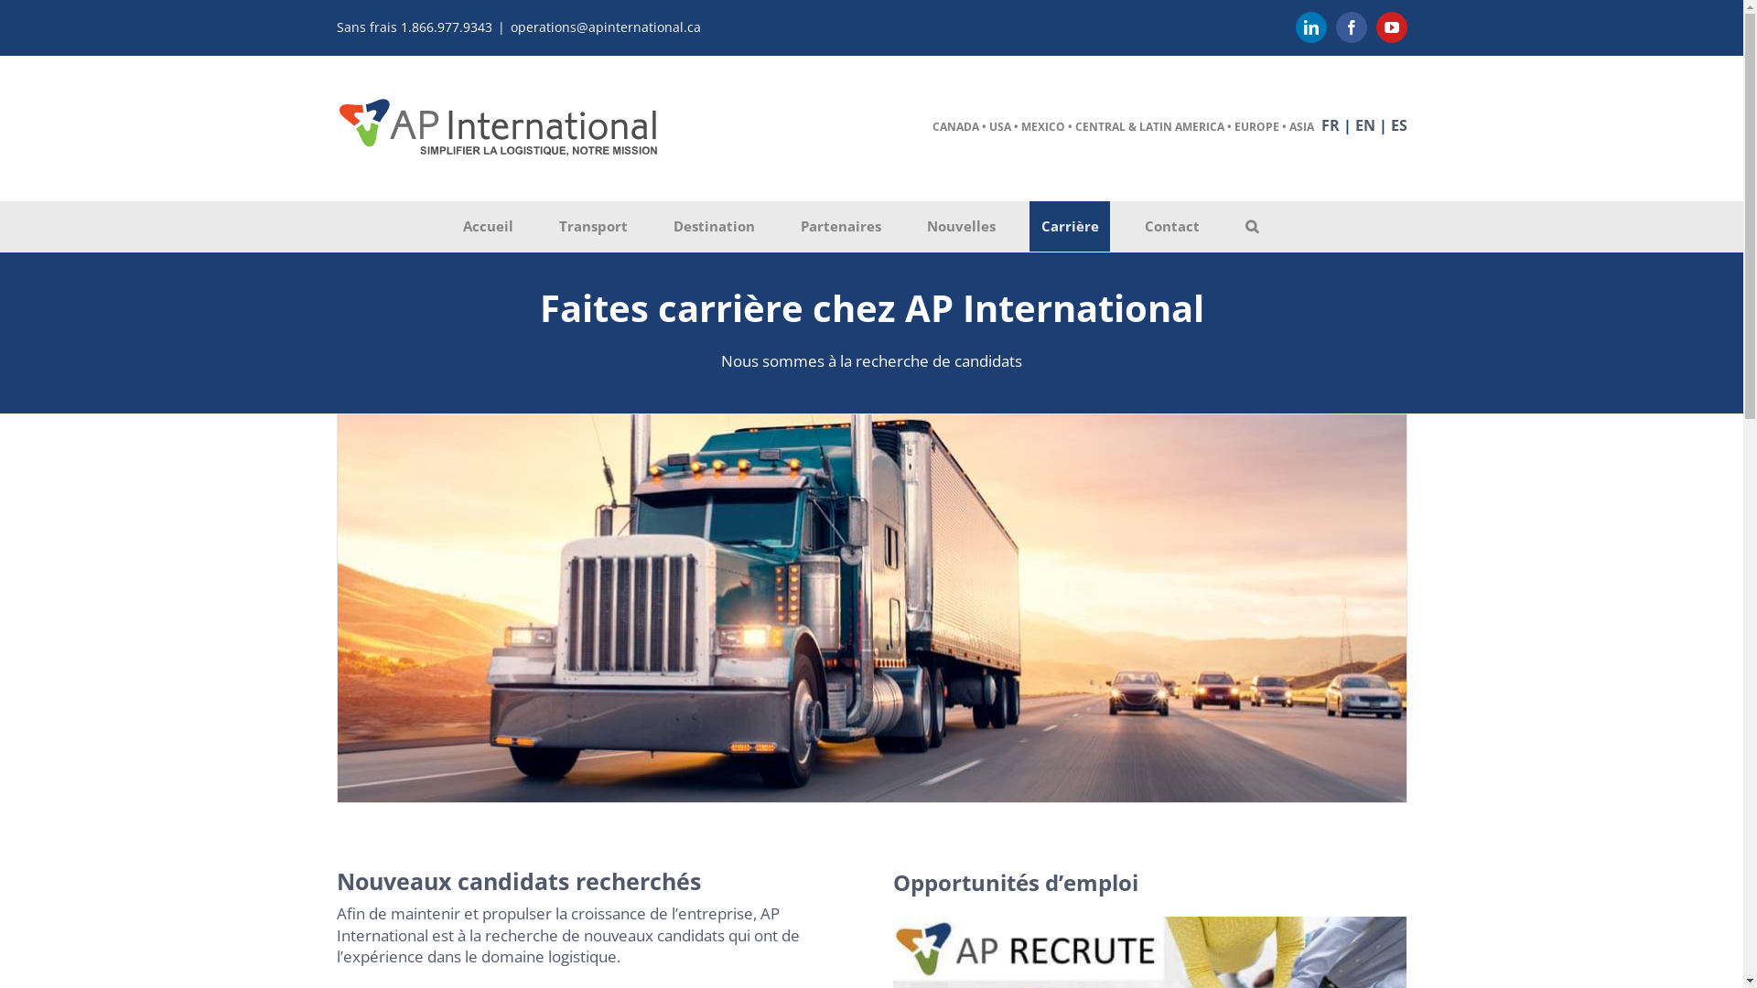 The image size is (1757, 988). Describe the element at coordinates (593, 225) in the screenshot. I see `'Transport'` at that location.